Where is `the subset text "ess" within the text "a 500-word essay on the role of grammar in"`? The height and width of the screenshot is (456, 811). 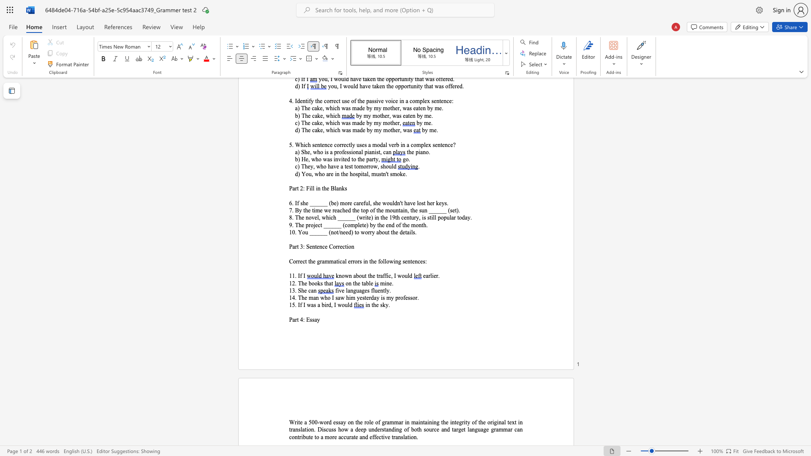
the subset text "ess" within the text "a 500-word essay on the role of grammar in" is located at coordinates (333, 422).